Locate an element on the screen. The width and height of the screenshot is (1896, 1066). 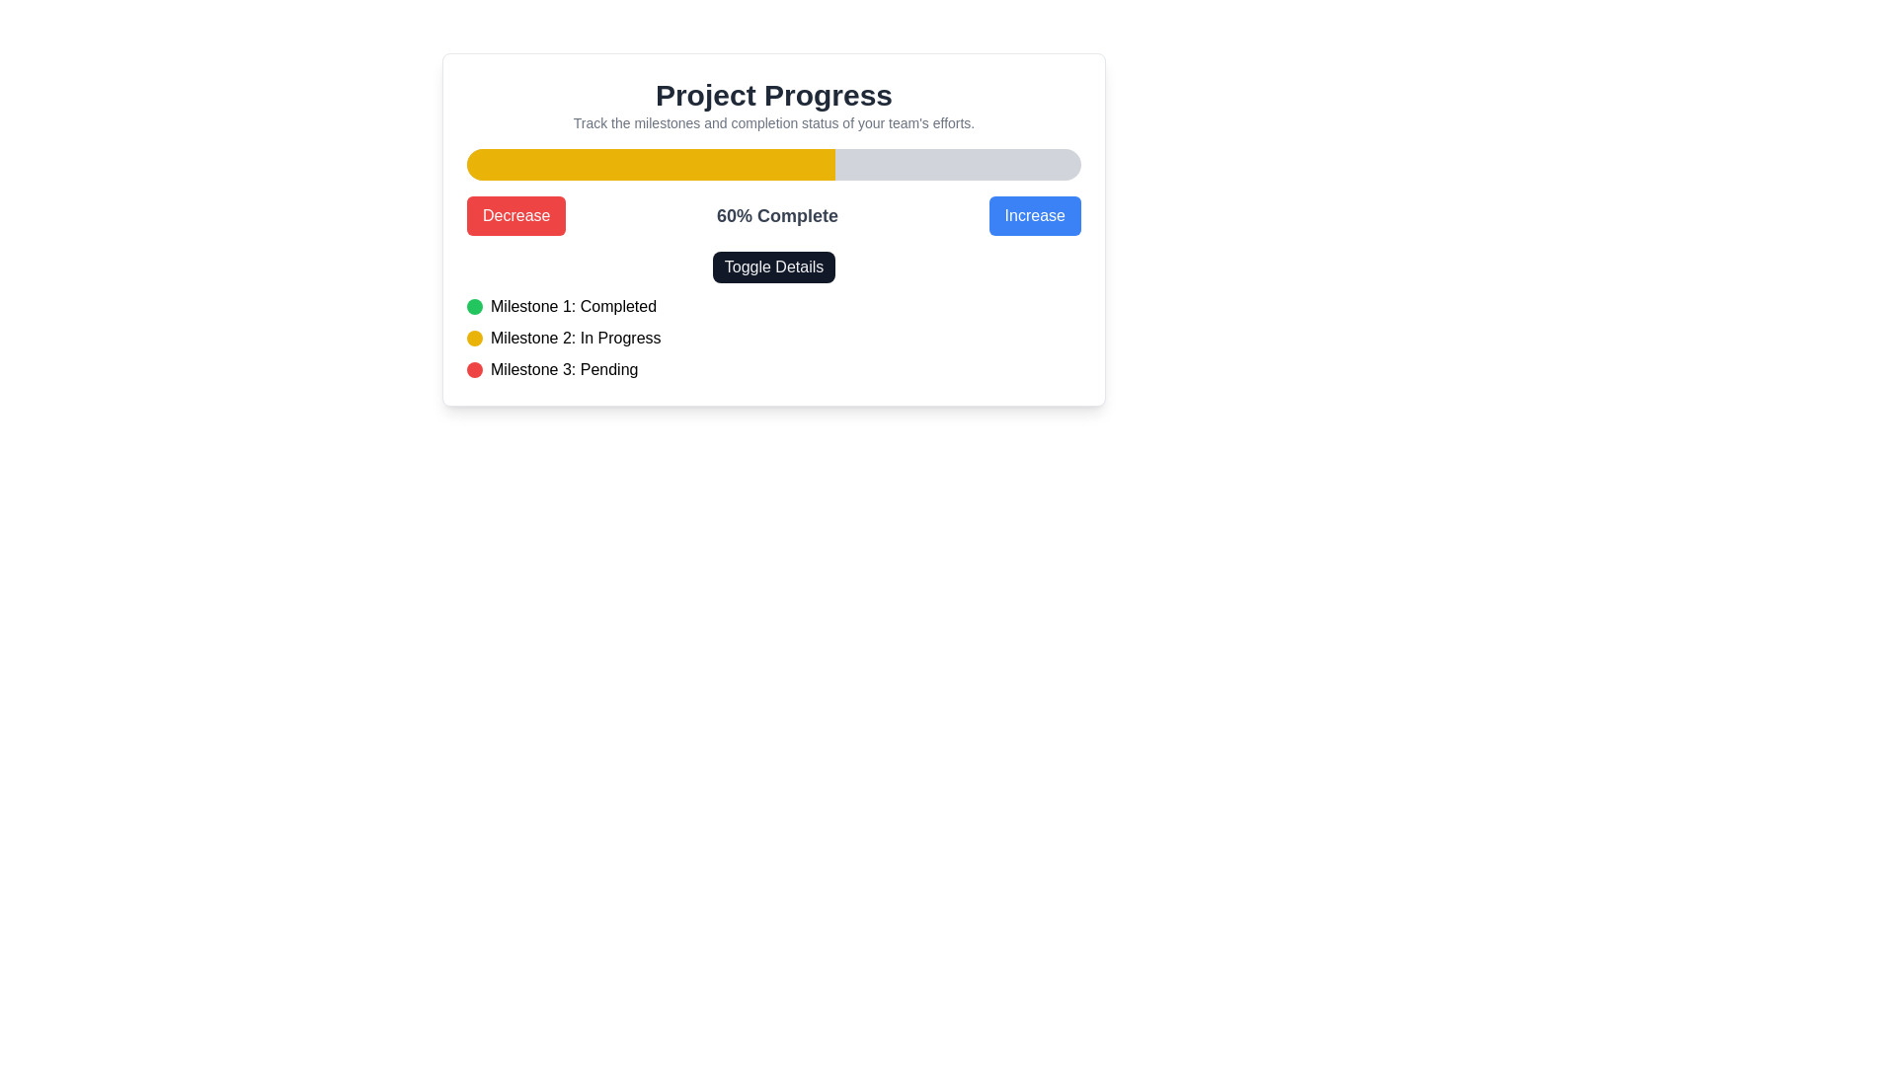
the label indicating the third milestone status is located at coordinates (563, 369).